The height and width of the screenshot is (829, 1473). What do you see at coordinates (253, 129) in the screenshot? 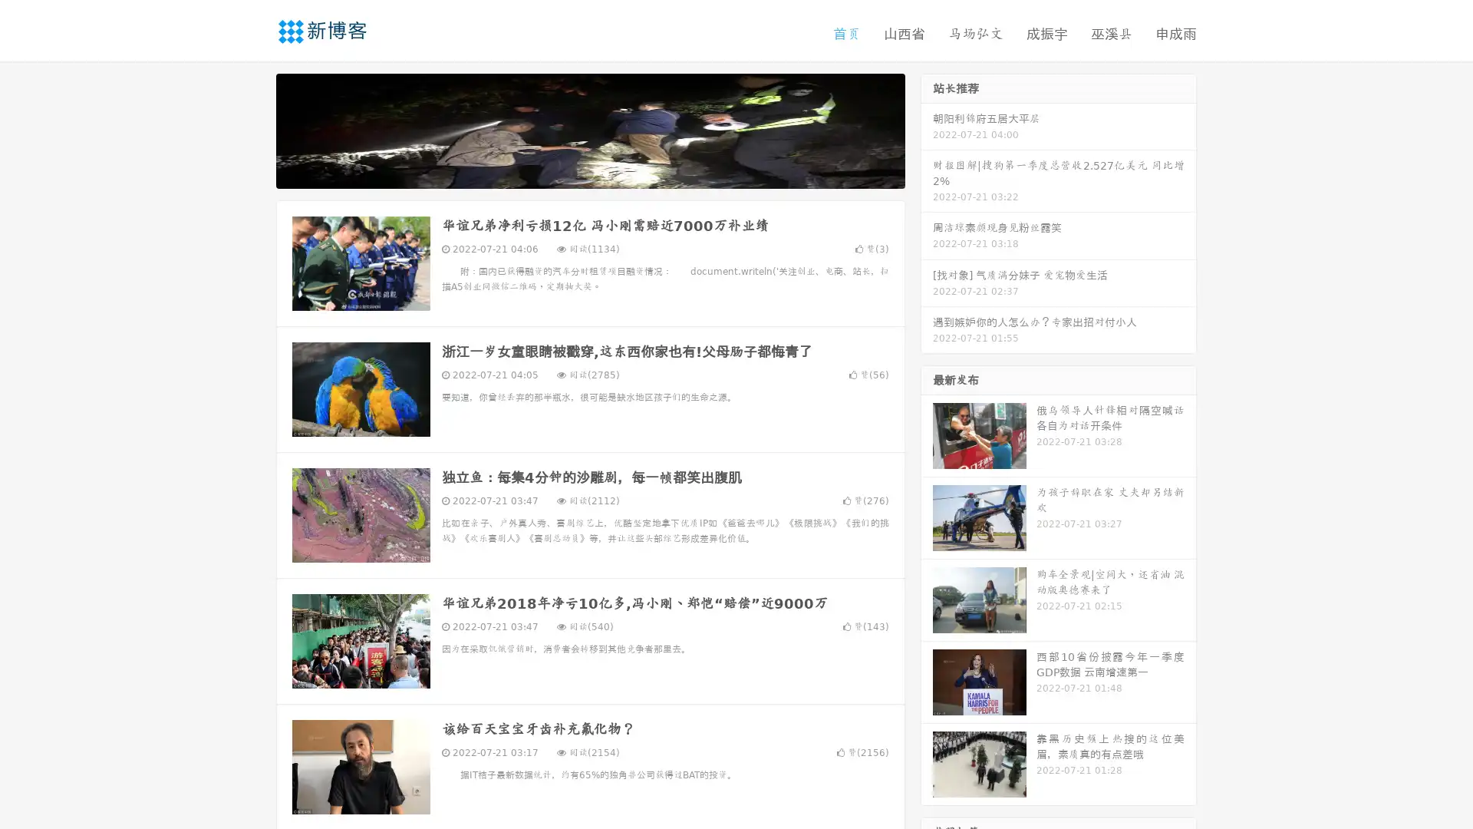
I see `Previous slide` at bounding box center [253, 129].